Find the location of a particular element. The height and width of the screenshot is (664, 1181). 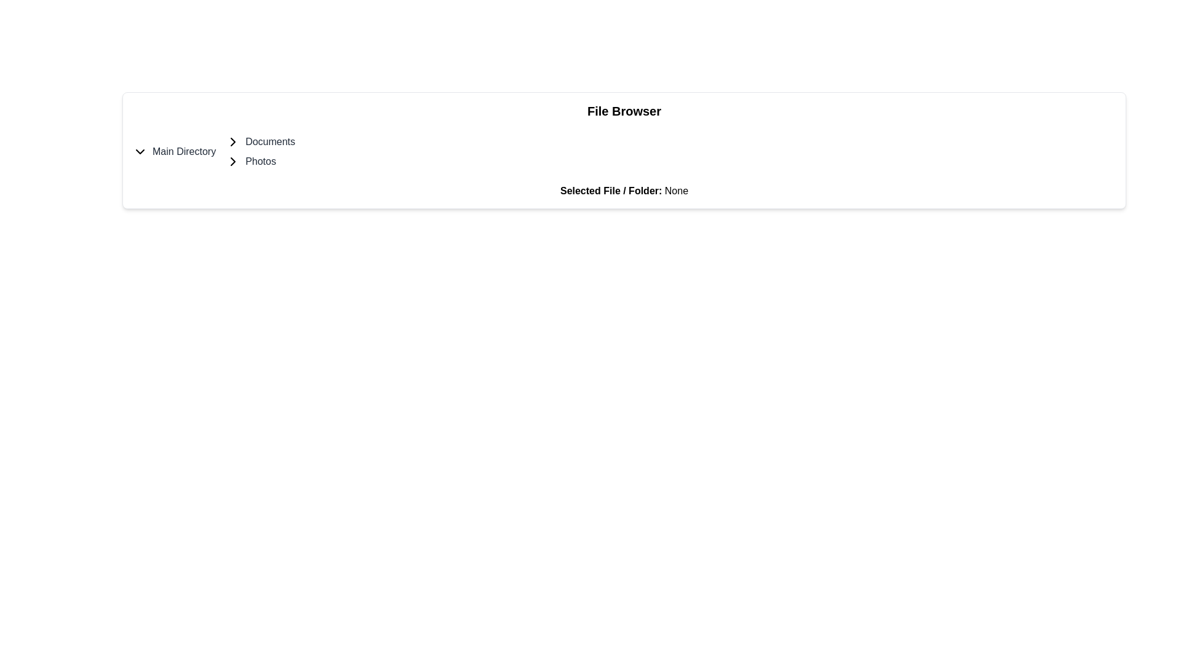

the 'Photos' text label, which is dark gray and located in the second row of entries under 'Main Directory' is located at coordinates (260, 160).